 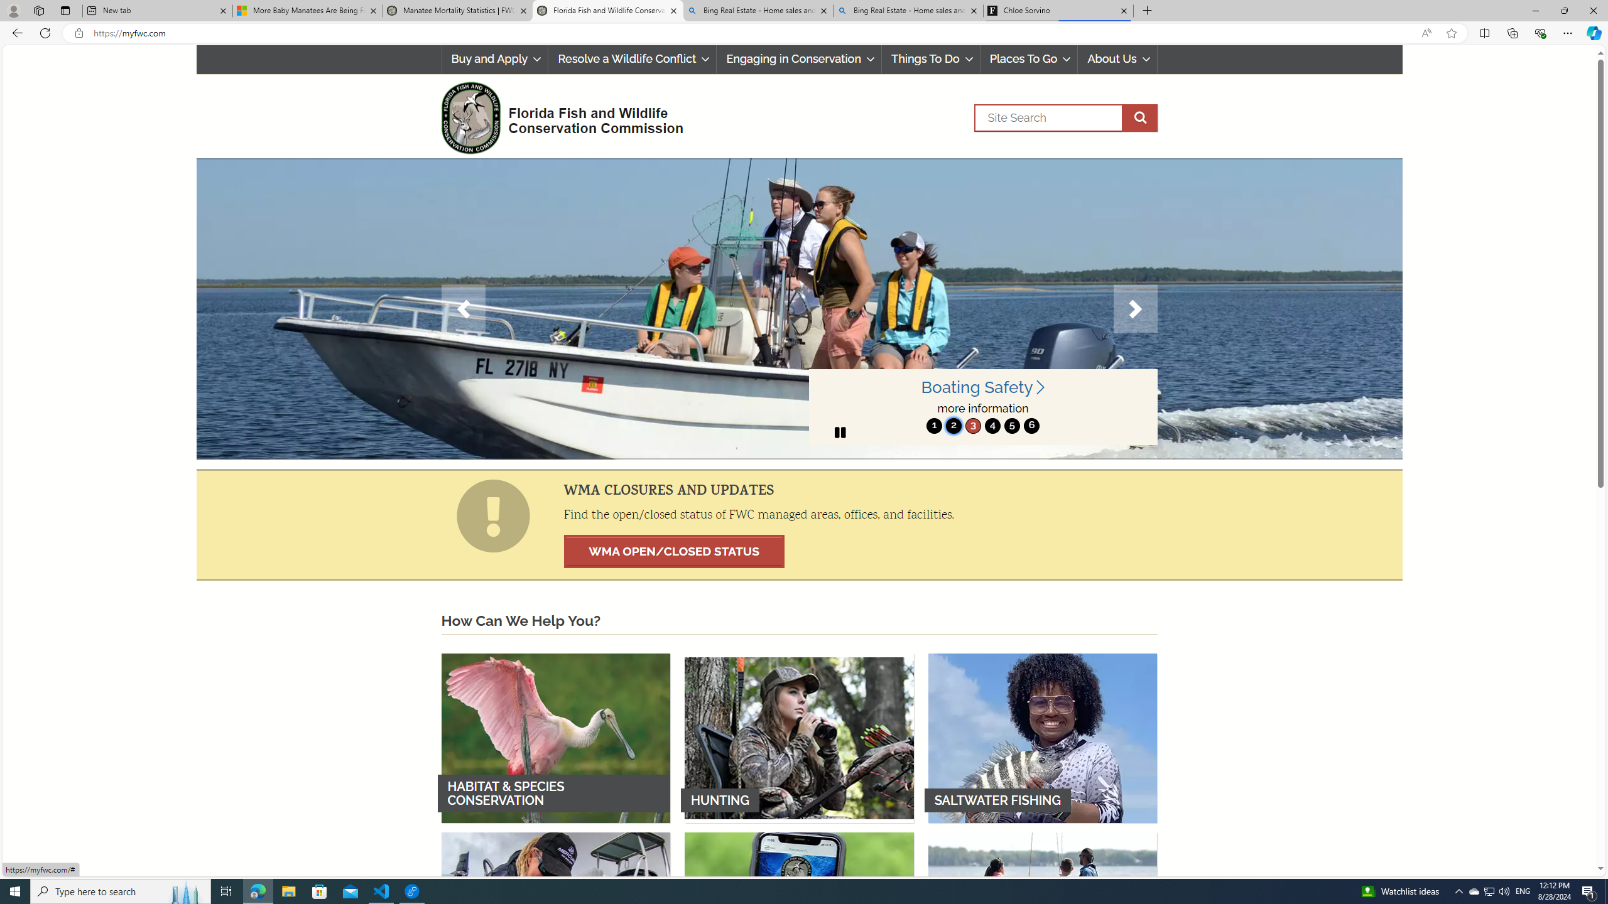 I want to click on '4', so click(x=991, y=425).